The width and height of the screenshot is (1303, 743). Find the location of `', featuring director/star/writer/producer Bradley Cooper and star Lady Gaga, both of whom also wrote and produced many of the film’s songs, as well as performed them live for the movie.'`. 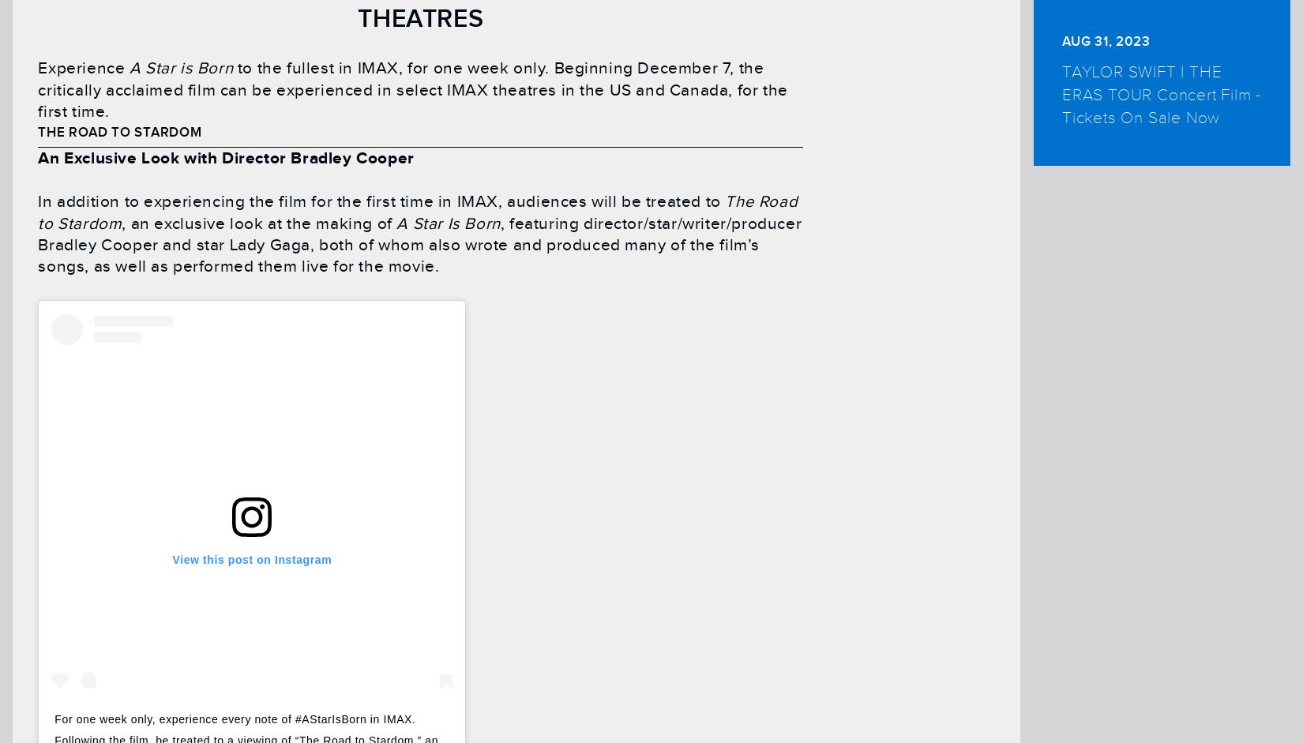

', featuring director/star/writer/producer Bradley Cooper and star Lady Gaga, both of whom also wrote and produced many of the film’s songs, as well as performed them live for the movie.' is located at coordinates (419, 244).